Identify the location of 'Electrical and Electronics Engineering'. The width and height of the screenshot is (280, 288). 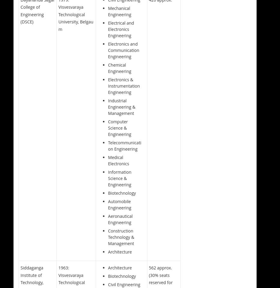
(121, 29).